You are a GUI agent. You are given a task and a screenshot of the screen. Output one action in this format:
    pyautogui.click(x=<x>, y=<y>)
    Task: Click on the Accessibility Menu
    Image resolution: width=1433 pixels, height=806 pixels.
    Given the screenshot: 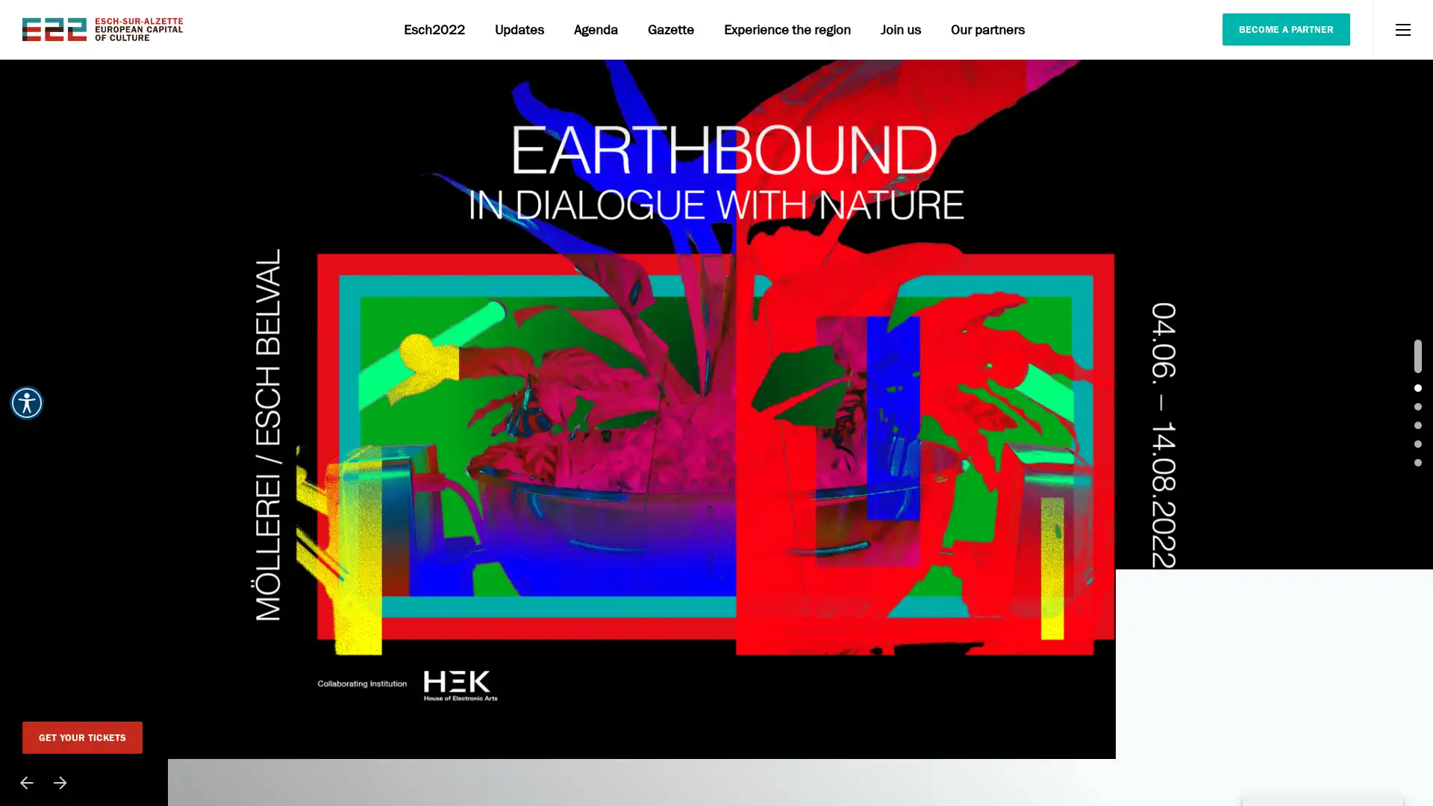 What is the action you would take?
    pyautogui.click(x=26, y=403)
    